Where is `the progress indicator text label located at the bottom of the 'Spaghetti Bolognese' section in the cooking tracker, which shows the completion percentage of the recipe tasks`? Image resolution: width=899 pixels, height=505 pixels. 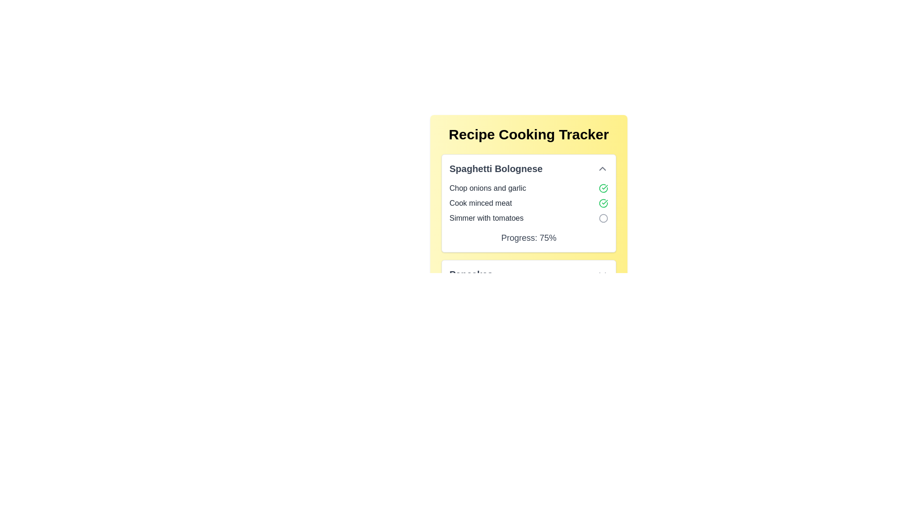 the progress indicator text label located at the bottom of the 'Spaghetti Bolognese' section in the cooking tracker, which shows the completion percentage of the recipe tasks is located at coordinates (529, 238).